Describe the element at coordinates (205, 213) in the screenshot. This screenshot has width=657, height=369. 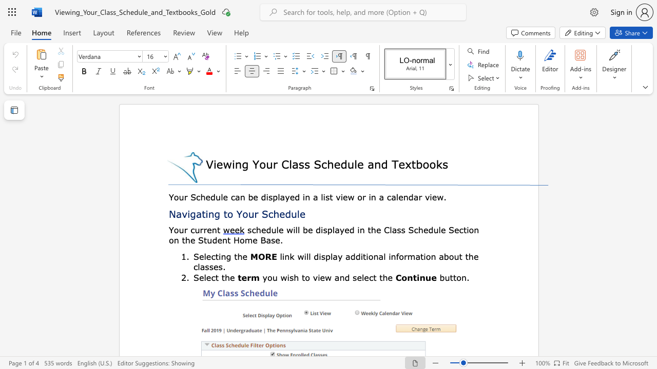
I see `the subset text "ing t" within the text "Navigating to Your Schedule"` at that location.